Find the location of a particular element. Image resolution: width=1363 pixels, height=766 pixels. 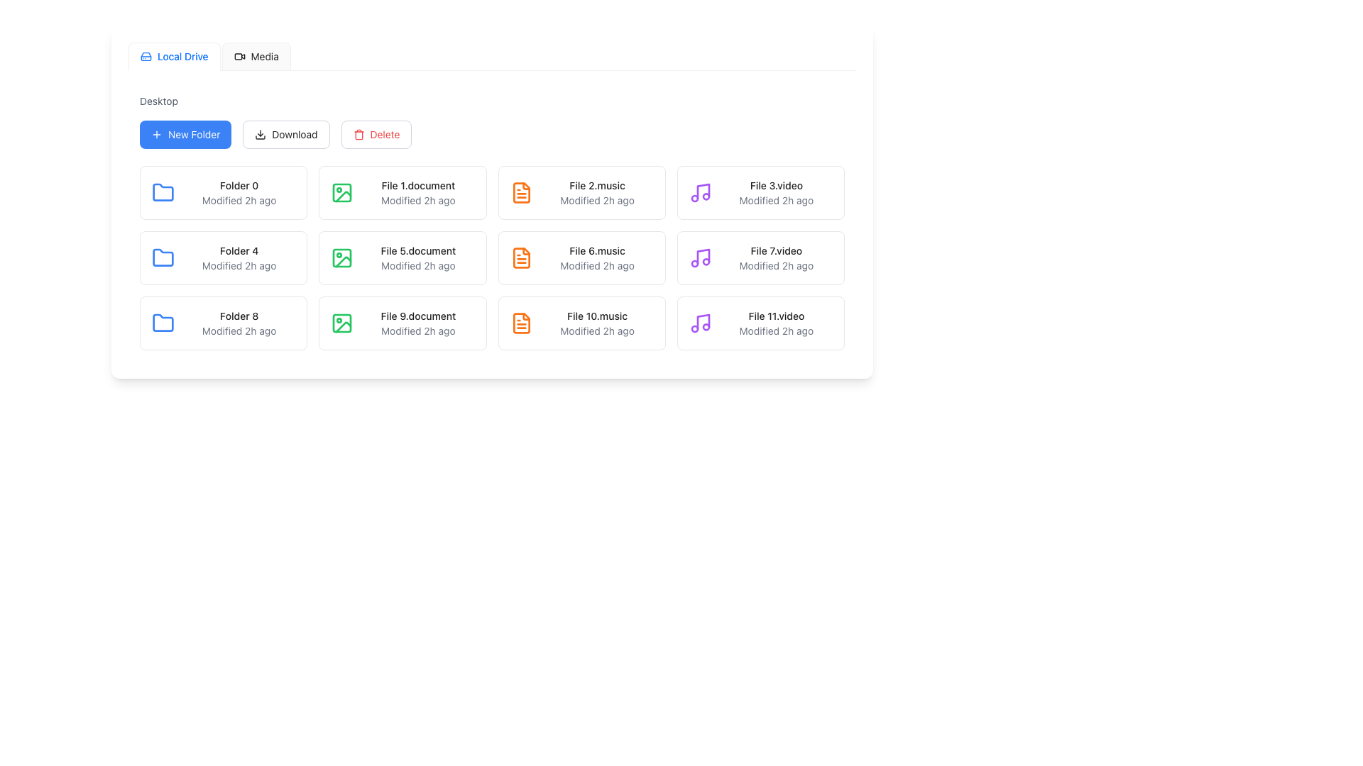

on the File entry item displaying 'File 7.video' with a purple music note icon is located at coordinates (760, 257).